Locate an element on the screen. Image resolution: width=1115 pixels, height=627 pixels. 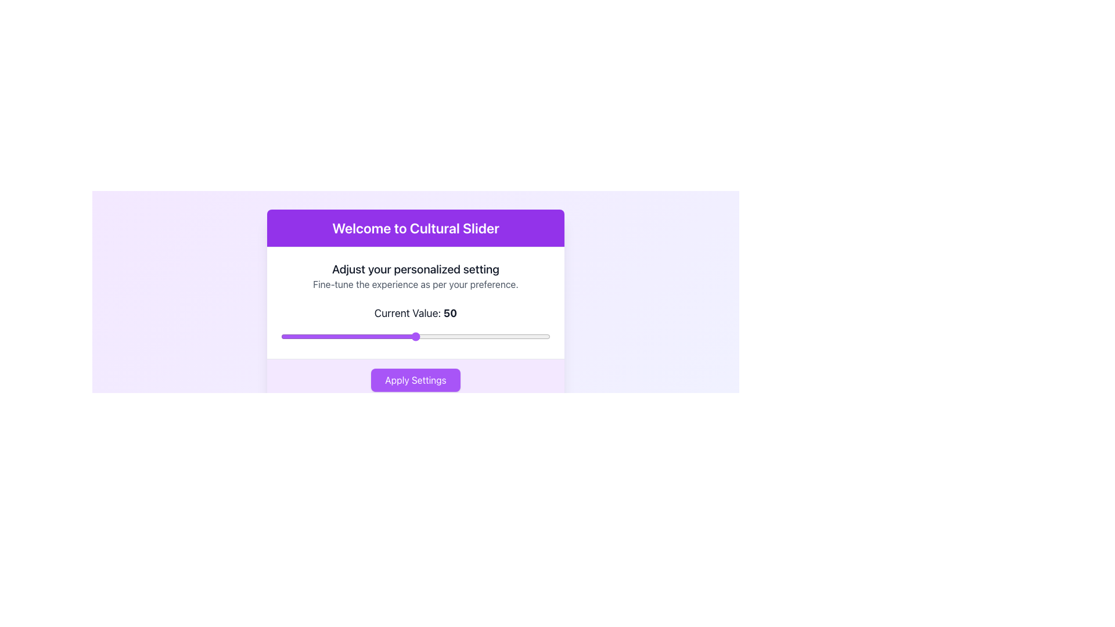
slider value is located at coordinates (526, 336).